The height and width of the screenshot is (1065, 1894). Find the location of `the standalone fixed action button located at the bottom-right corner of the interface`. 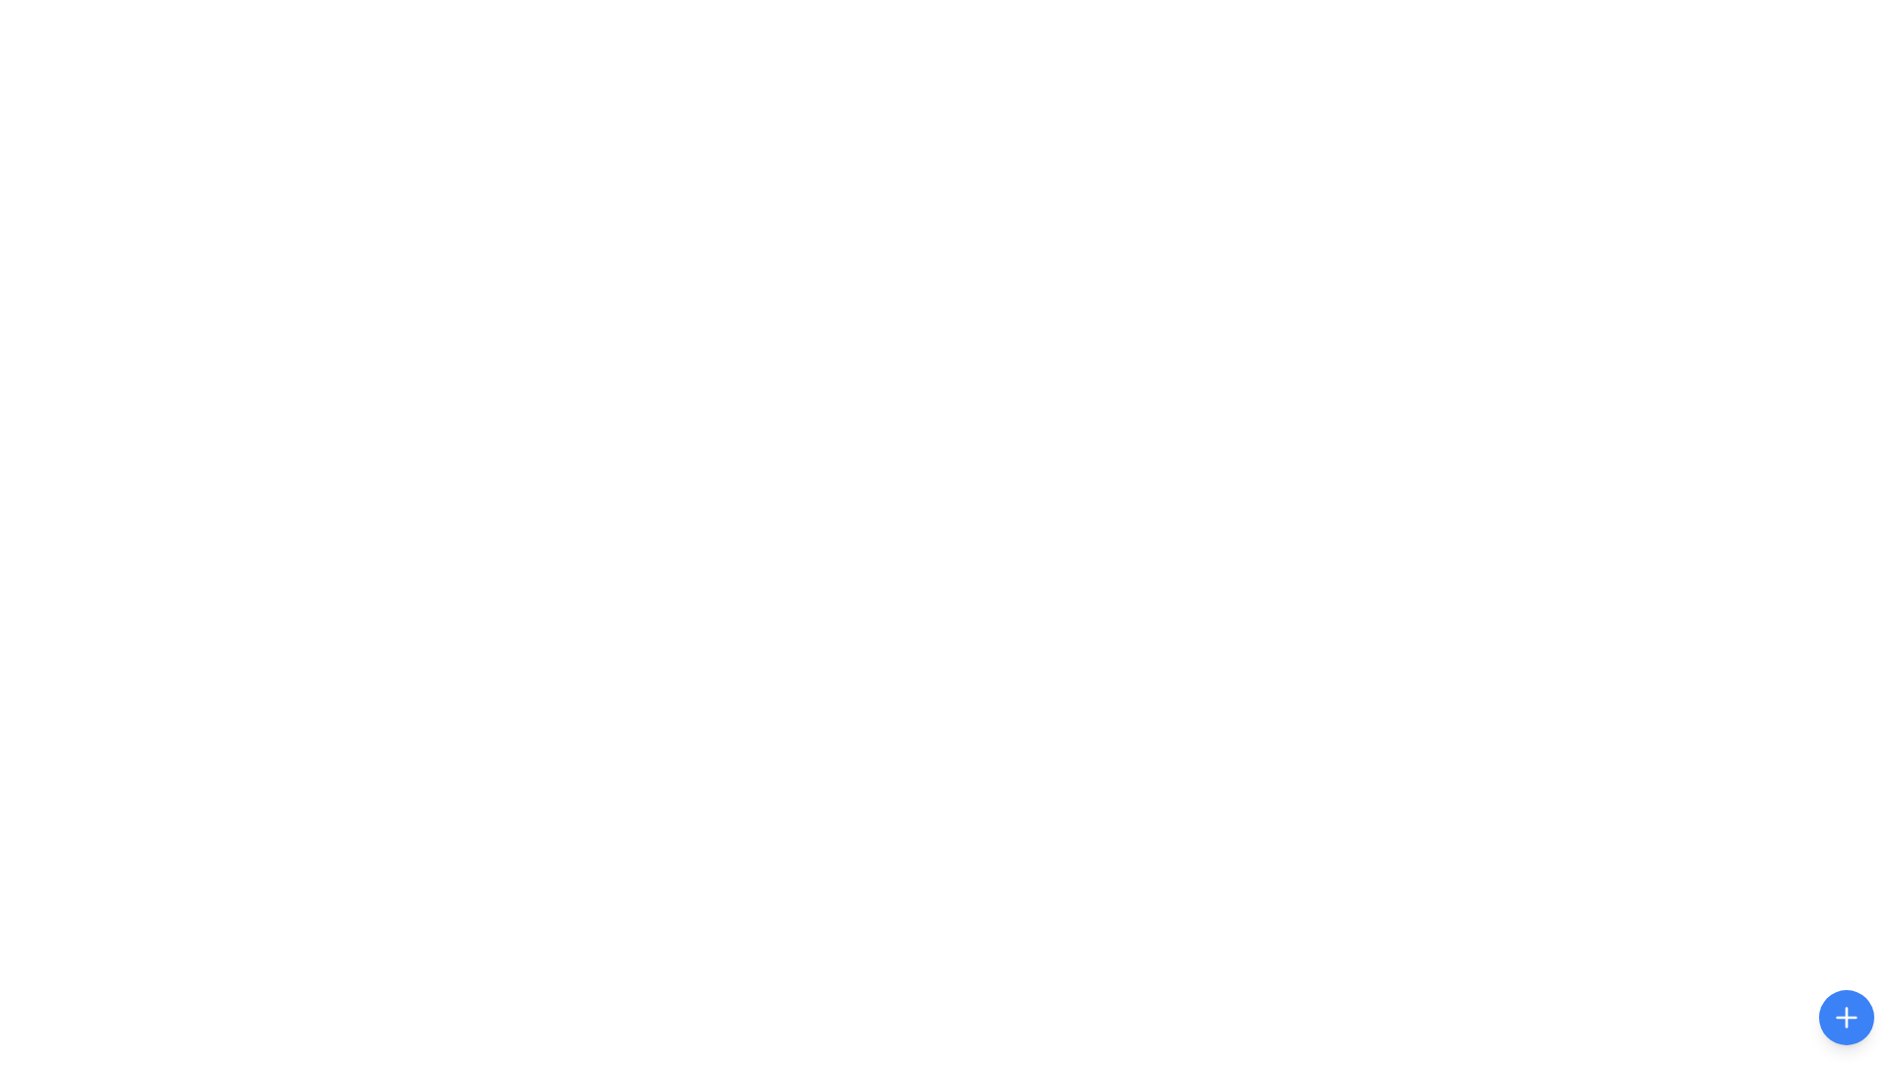

the standalone fixed action button located at the bottom-right corner of the interface is located at coordinates (1846, 1018).